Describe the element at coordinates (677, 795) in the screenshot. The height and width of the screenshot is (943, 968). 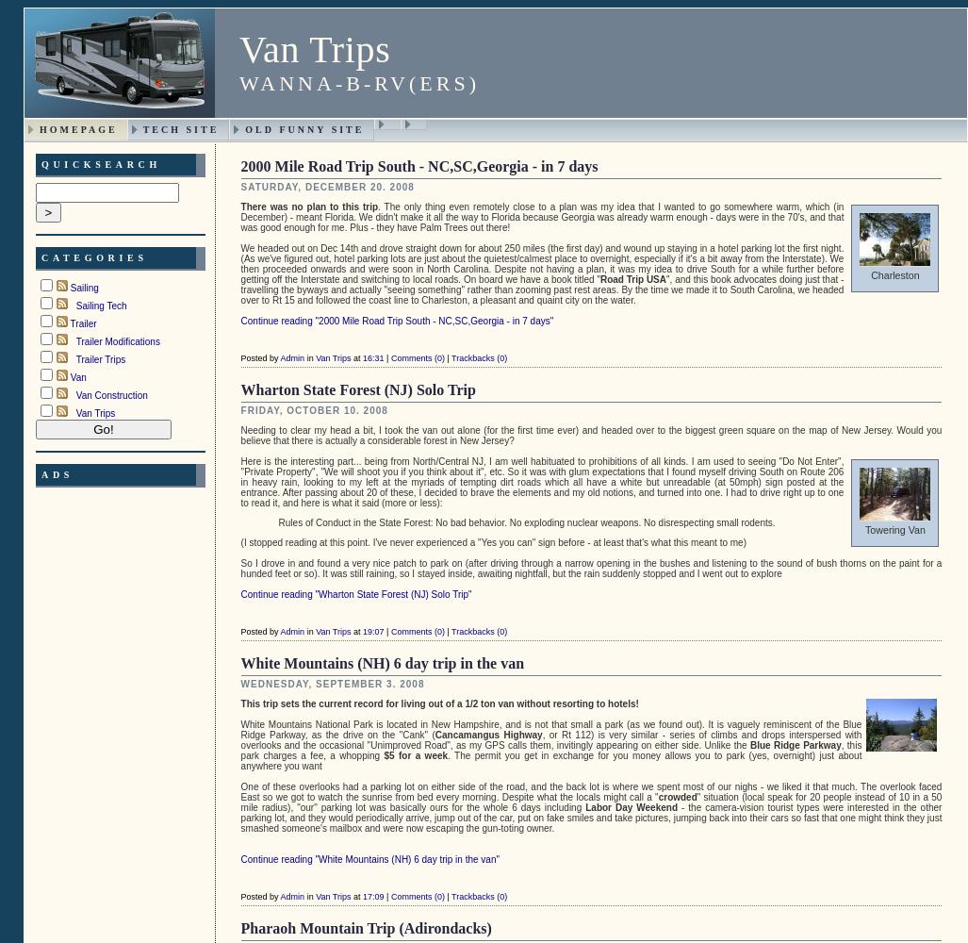
I see `'crowded'` at that location.